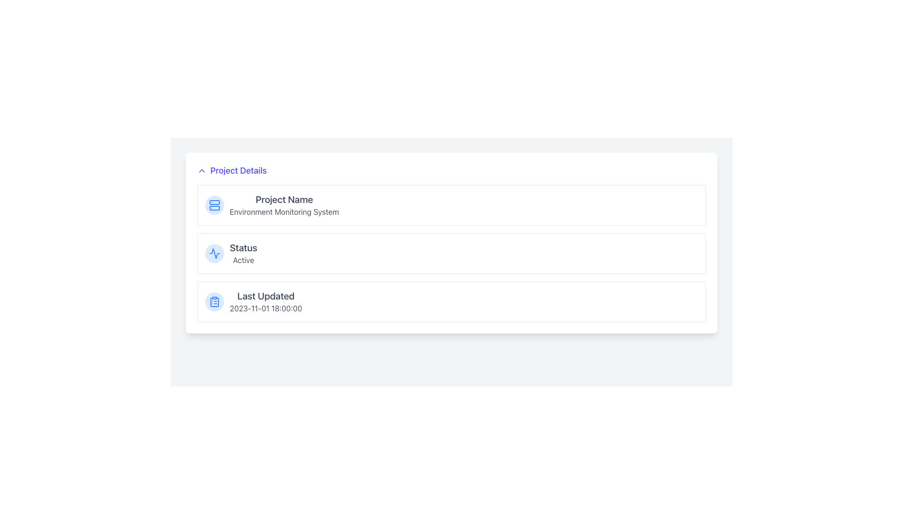 The height and width of the screenshot is (511, 908). Describe the element at coordinates (214, 253) in the screenshot. I see `the icon representing the 'Status' section in the 'Project Details' card, which is located to the left of the text 'Status' and 'Active'` at that location.